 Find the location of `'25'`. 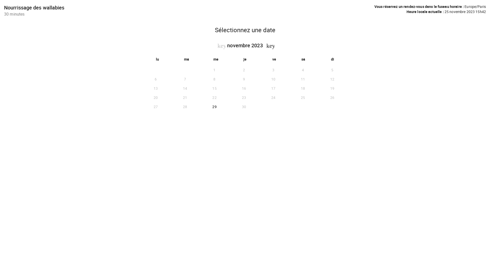

'25' is located at coordinates (303, 97).